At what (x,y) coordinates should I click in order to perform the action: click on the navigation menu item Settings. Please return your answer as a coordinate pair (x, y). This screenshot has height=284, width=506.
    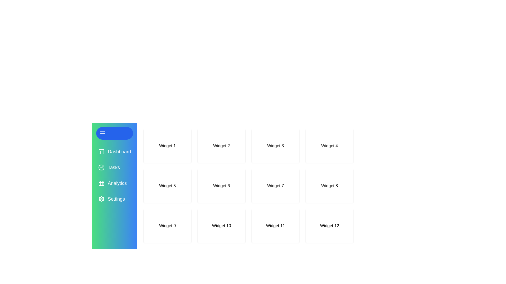
    Looking at the image, I should click on (114, 199).